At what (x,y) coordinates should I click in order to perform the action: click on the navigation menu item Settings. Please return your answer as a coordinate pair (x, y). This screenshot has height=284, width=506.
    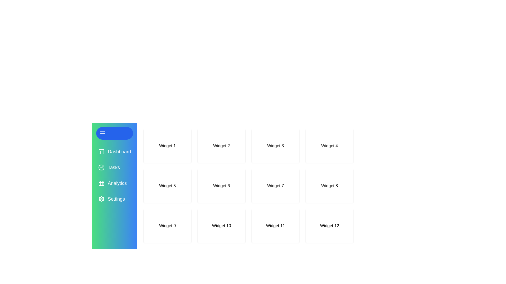
    Looking at the image, I should click on (114, 199).